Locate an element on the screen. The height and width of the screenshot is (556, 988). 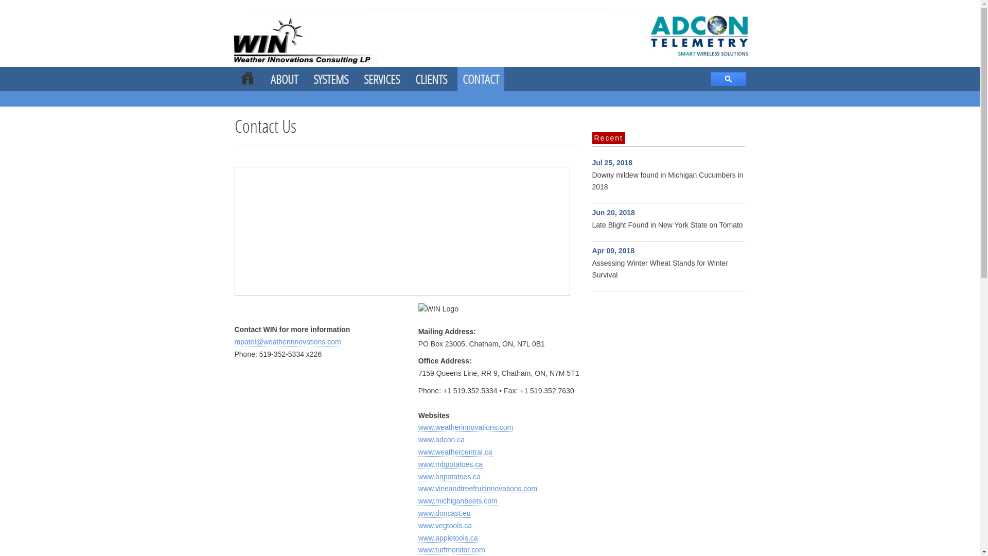
'www.vegtools.ca' is located at coordinates (445, 526).